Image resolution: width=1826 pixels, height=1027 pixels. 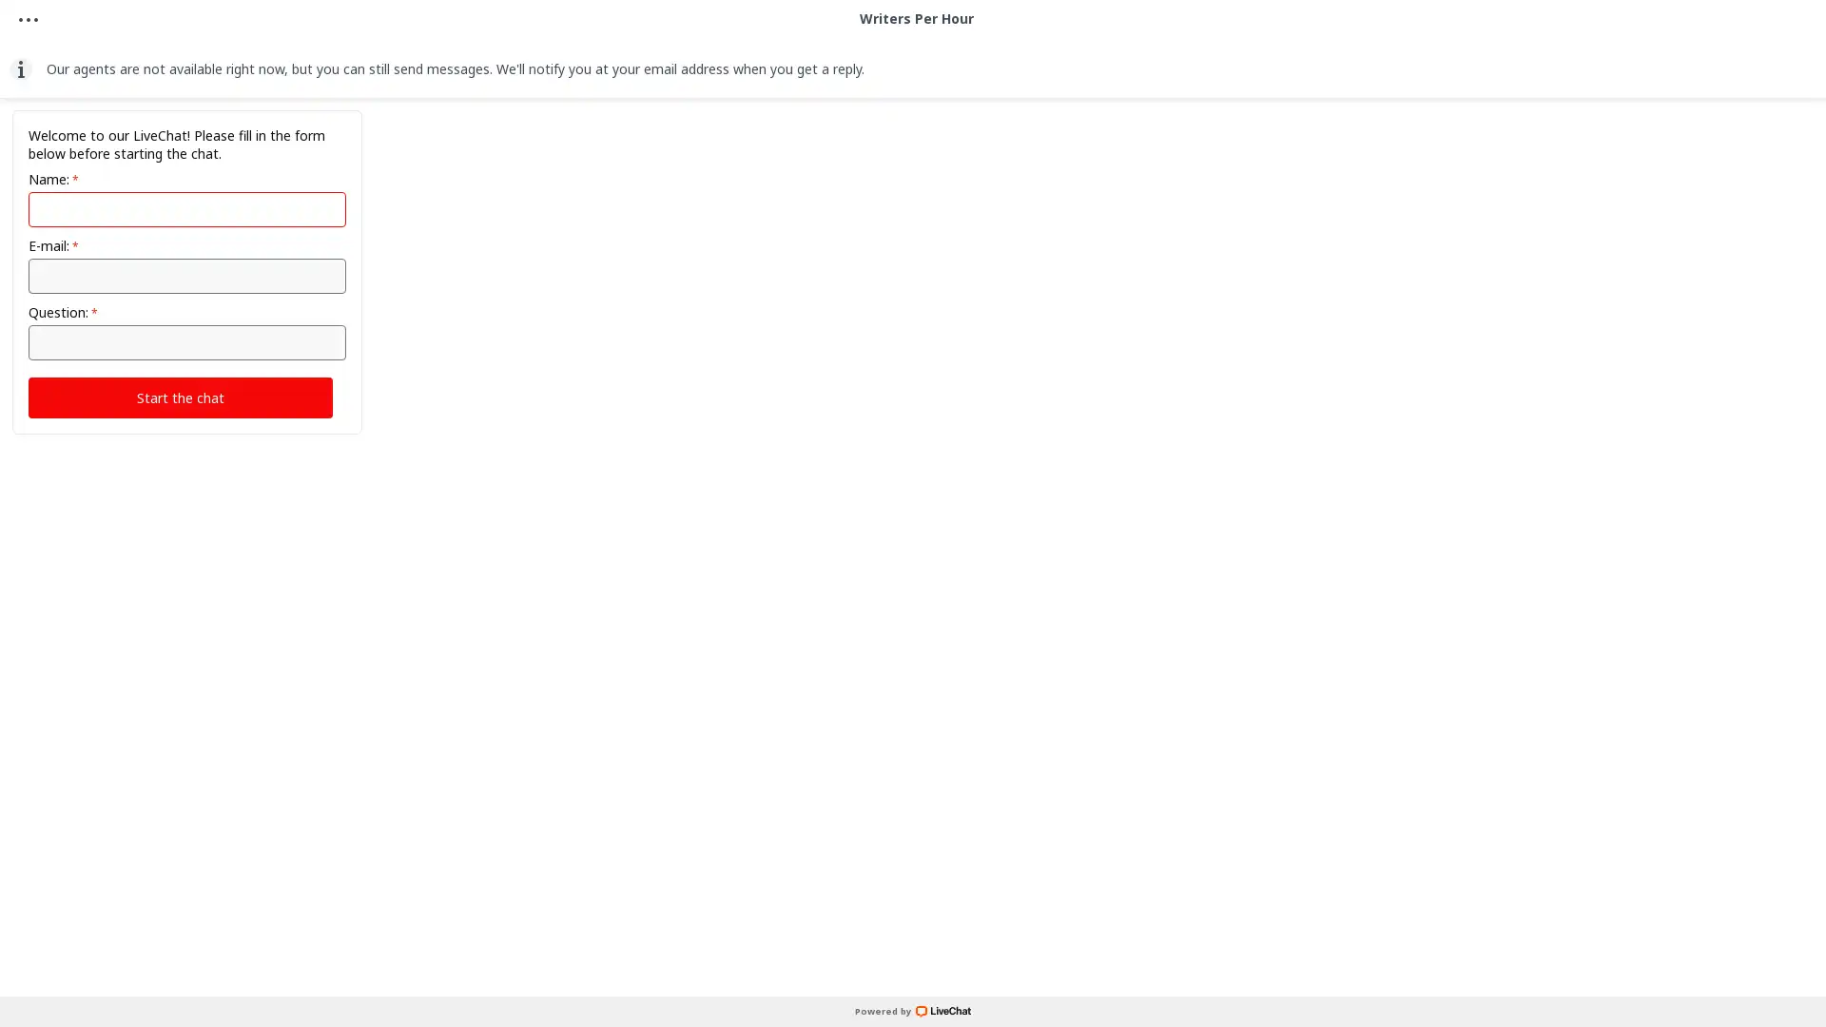 What do you see at coordinates (179, 396) in the screenshot?
I see `Start the chat` at bounding box center [179, 396].